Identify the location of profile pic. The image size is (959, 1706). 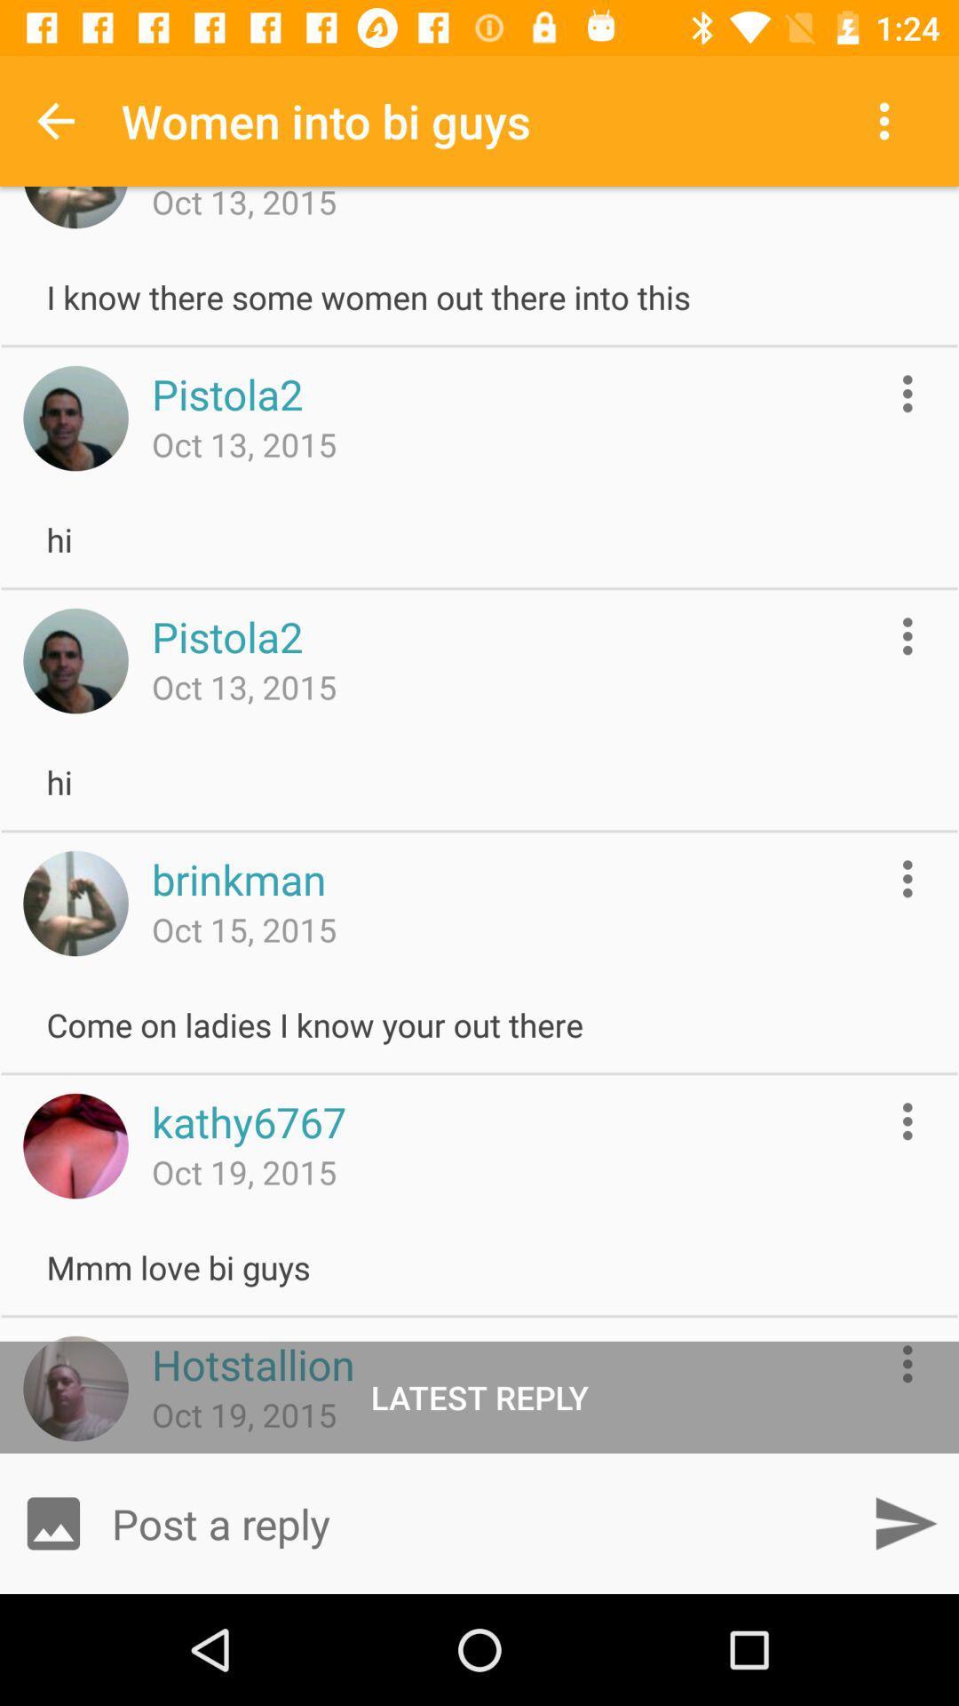
(75, 660).